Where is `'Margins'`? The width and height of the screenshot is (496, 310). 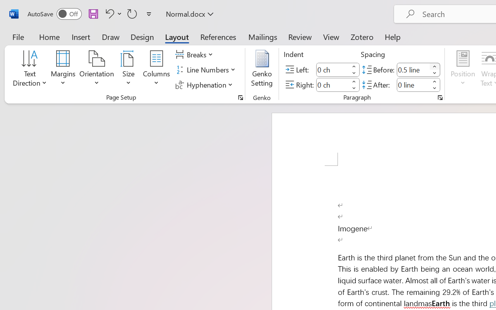
'Margins' is located at coordinates (63, 69).